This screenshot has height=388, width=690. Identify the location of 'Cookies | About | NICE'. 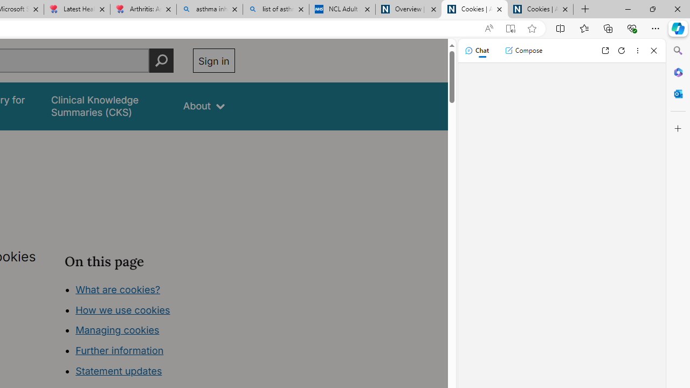
(540, 9).